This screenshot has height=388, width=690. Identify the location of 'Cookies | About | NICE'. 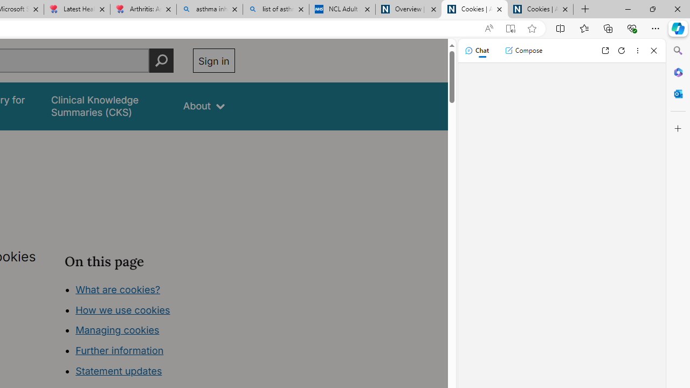
(540, 9).